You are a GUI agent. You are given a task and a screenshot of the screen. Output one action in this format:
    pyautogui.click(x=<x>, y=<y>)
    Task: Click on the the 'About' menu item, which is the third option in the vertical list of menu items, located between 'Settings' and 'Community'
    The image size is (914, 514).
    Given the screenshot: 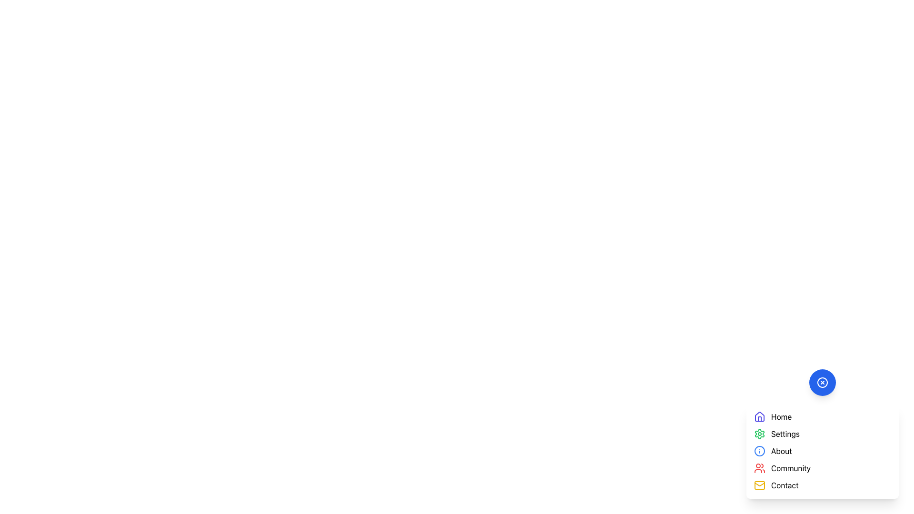 What is the action you would take?
    pyautogui.click(x=822, y=451)
    